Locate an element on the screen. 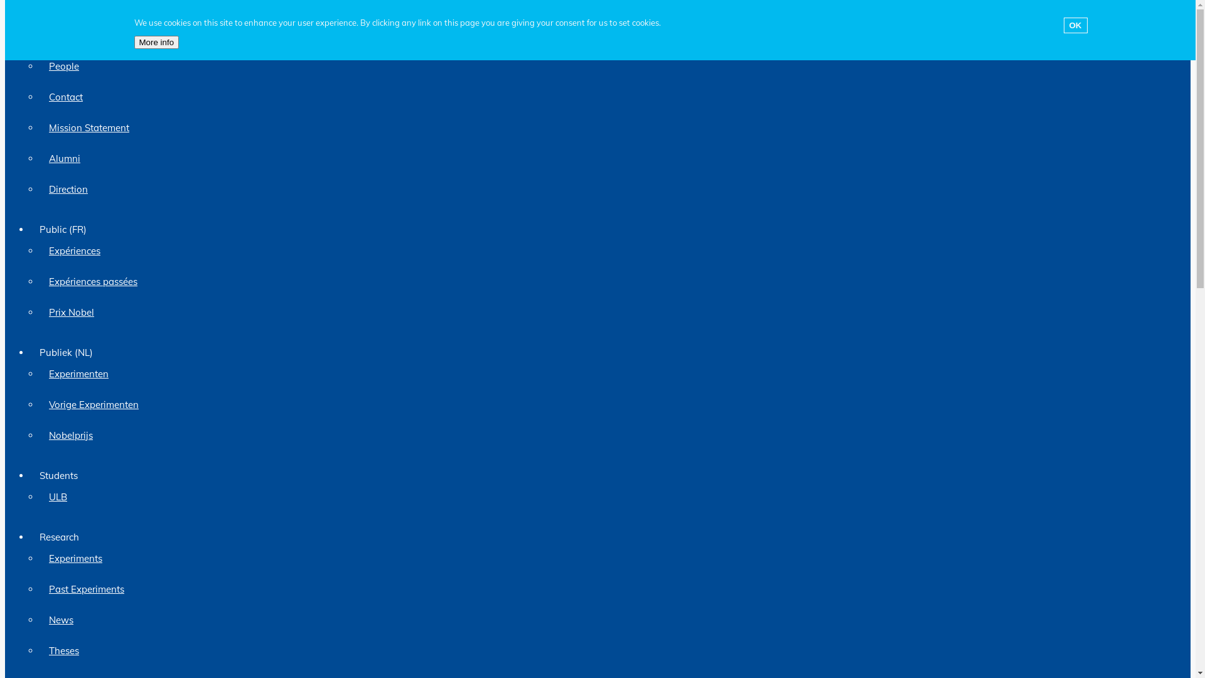  'News' is located at coordinates (48, 619).